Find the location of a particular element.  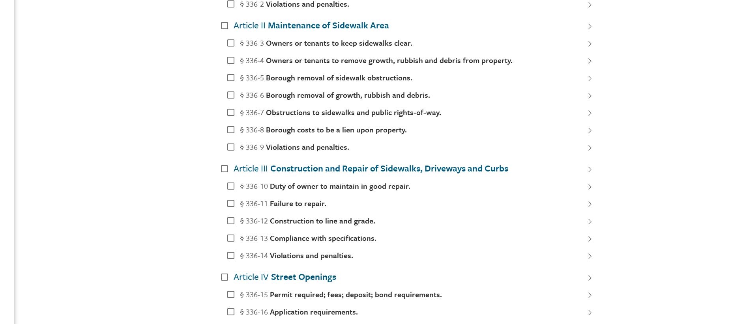

'Borough removal of sidewalk obstructions.' is located at coordinates (339, 76).